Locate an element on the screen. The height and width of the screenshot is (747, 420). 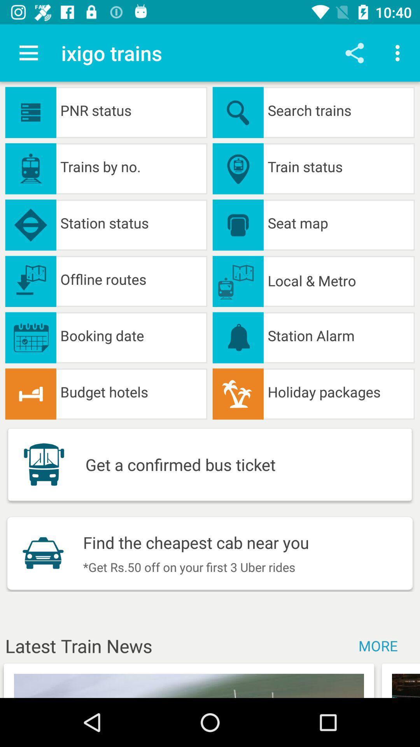
share is located at coordinates (354, 53).